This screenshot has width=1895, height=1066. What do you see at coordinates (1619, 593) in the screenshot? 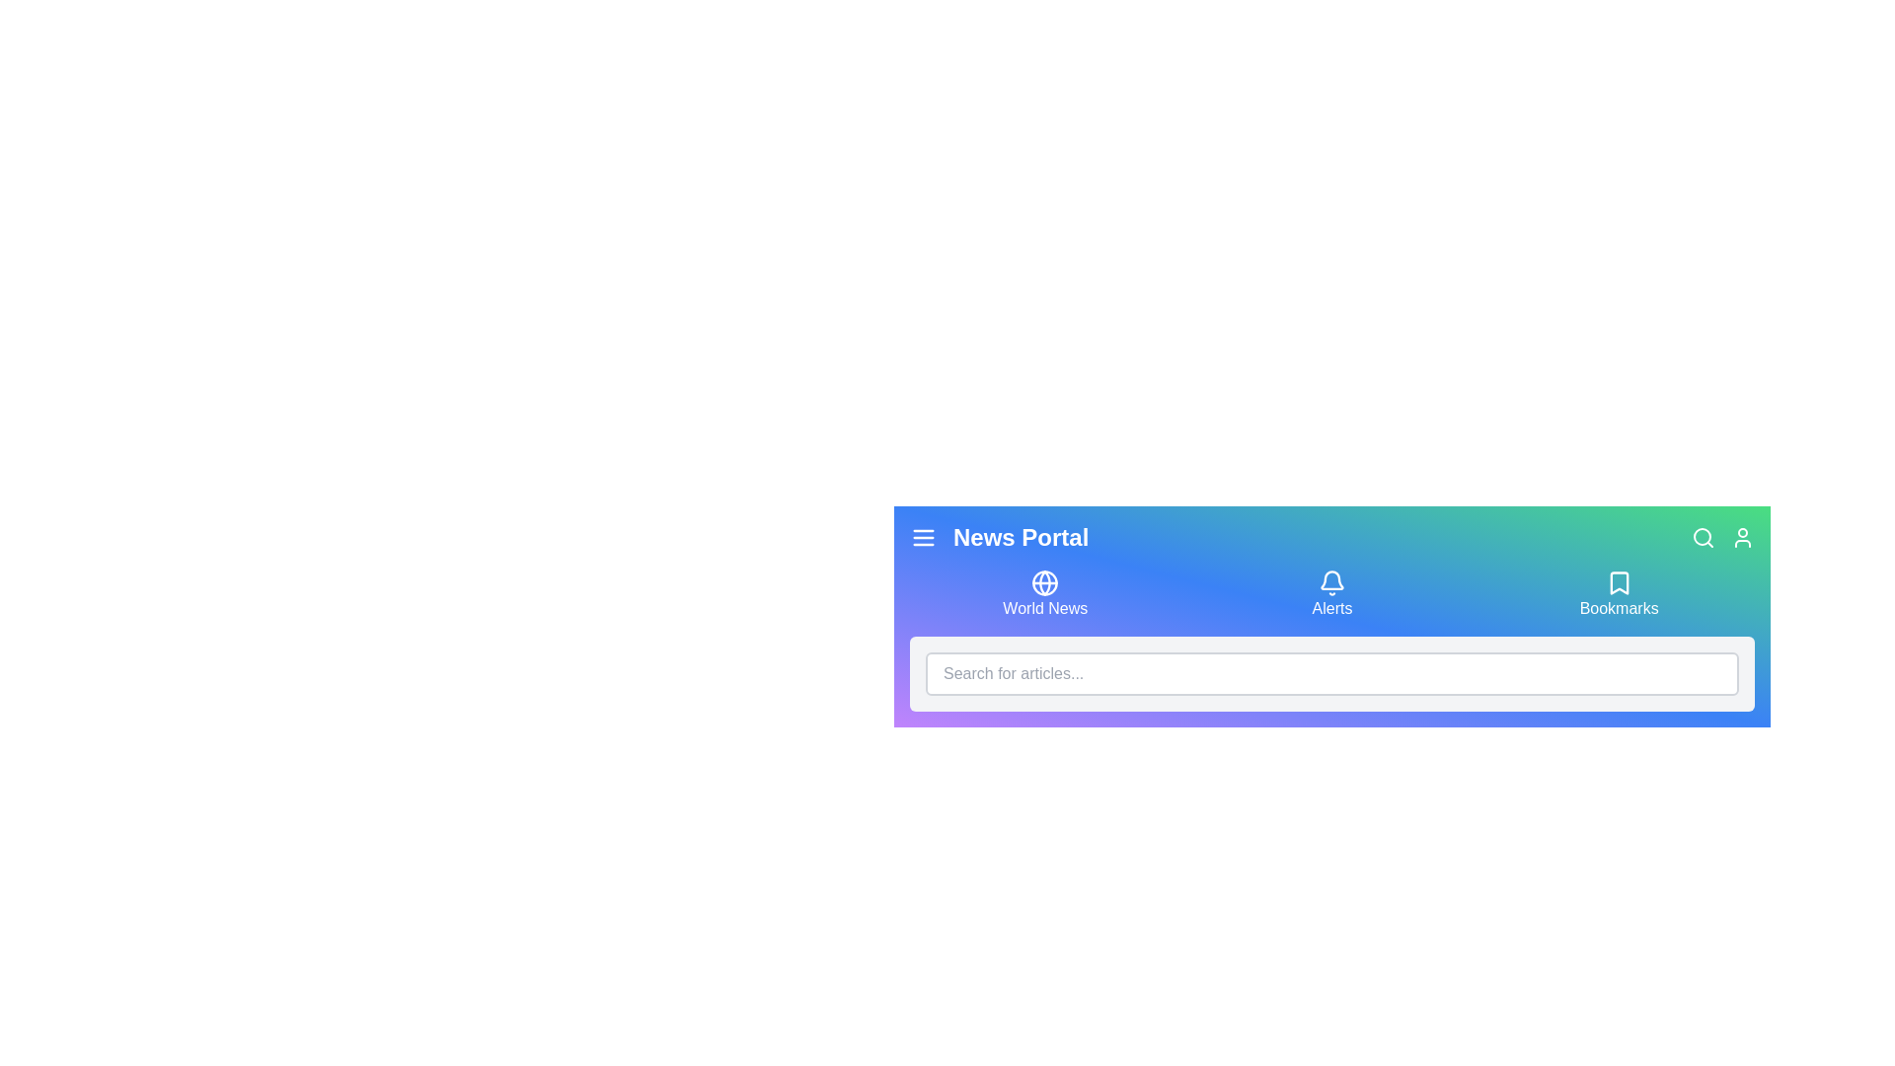
I see `the 'Bookmarks' button to navigate to the 'Bookmarks' section` at bounding box center [1619, 593].